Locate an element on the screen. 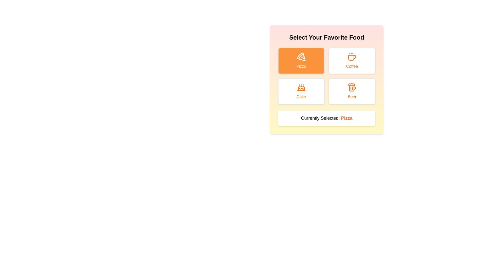 This screenshot has width=487, height=274. the Cake button to observe the hover effect is located at coordinates (301, 91).